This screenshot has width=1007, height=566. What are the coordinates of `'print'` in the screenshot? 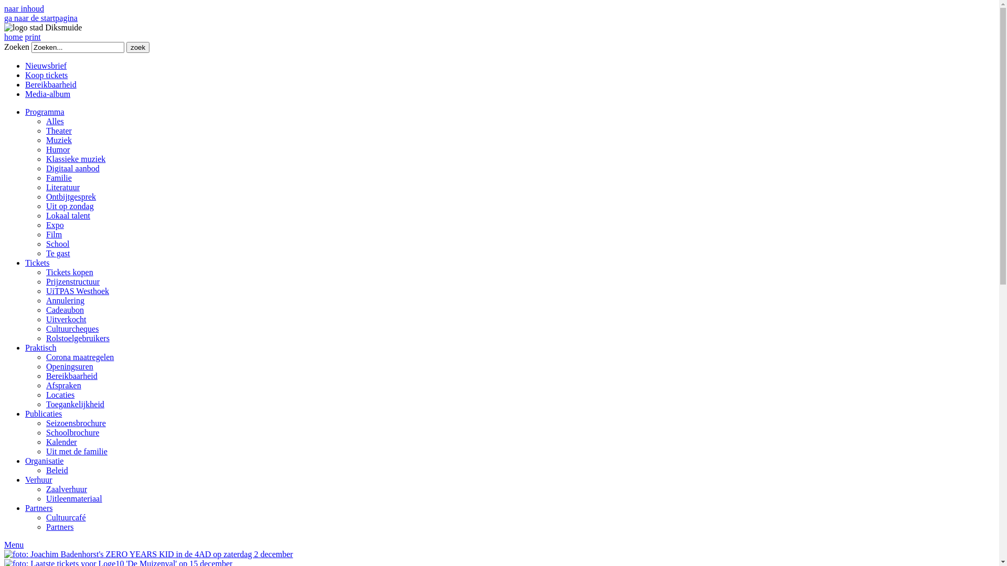 It's located at (33, 36).